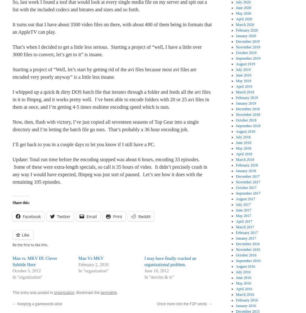 The image size is (306, 313). Describe the element at coordinates (245, 24) in the screenshot. I see `'March 2020'` at that location.